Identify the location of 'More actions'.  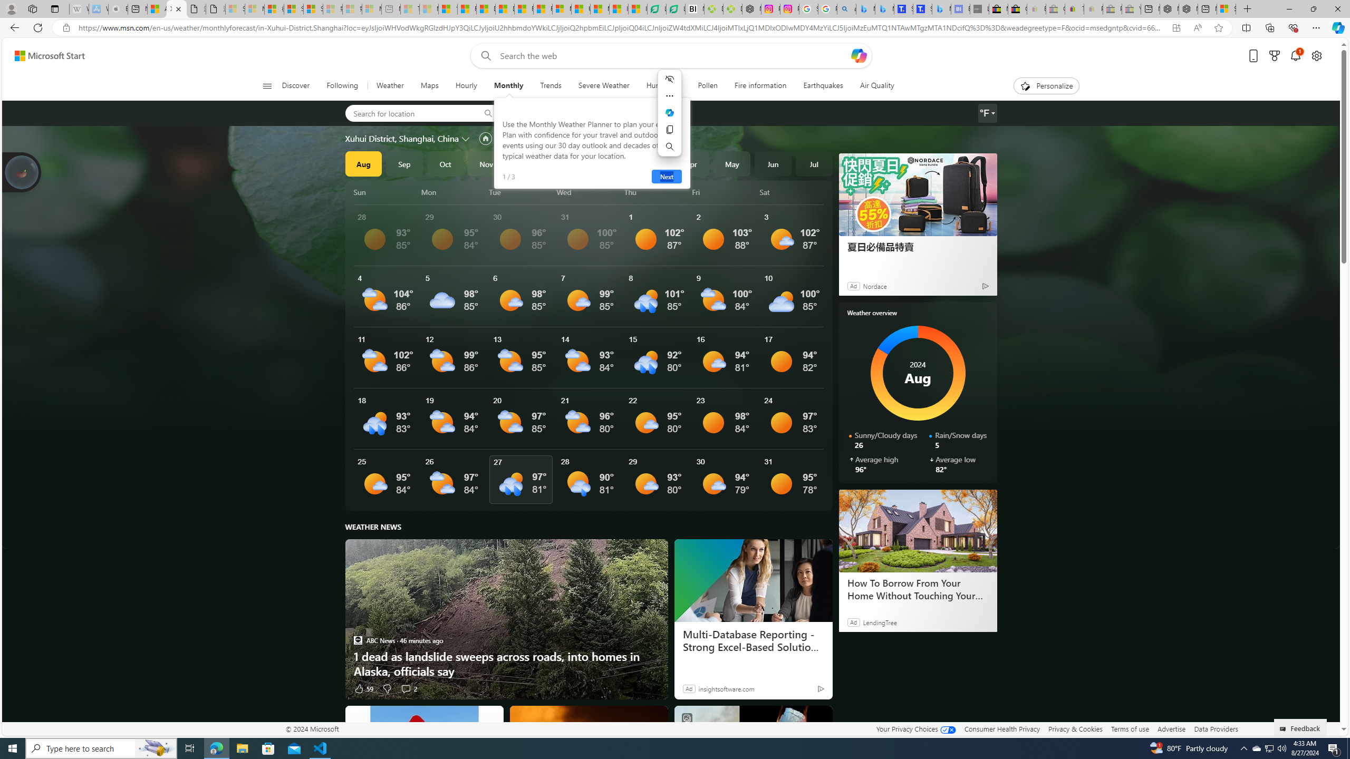
(670, 95).